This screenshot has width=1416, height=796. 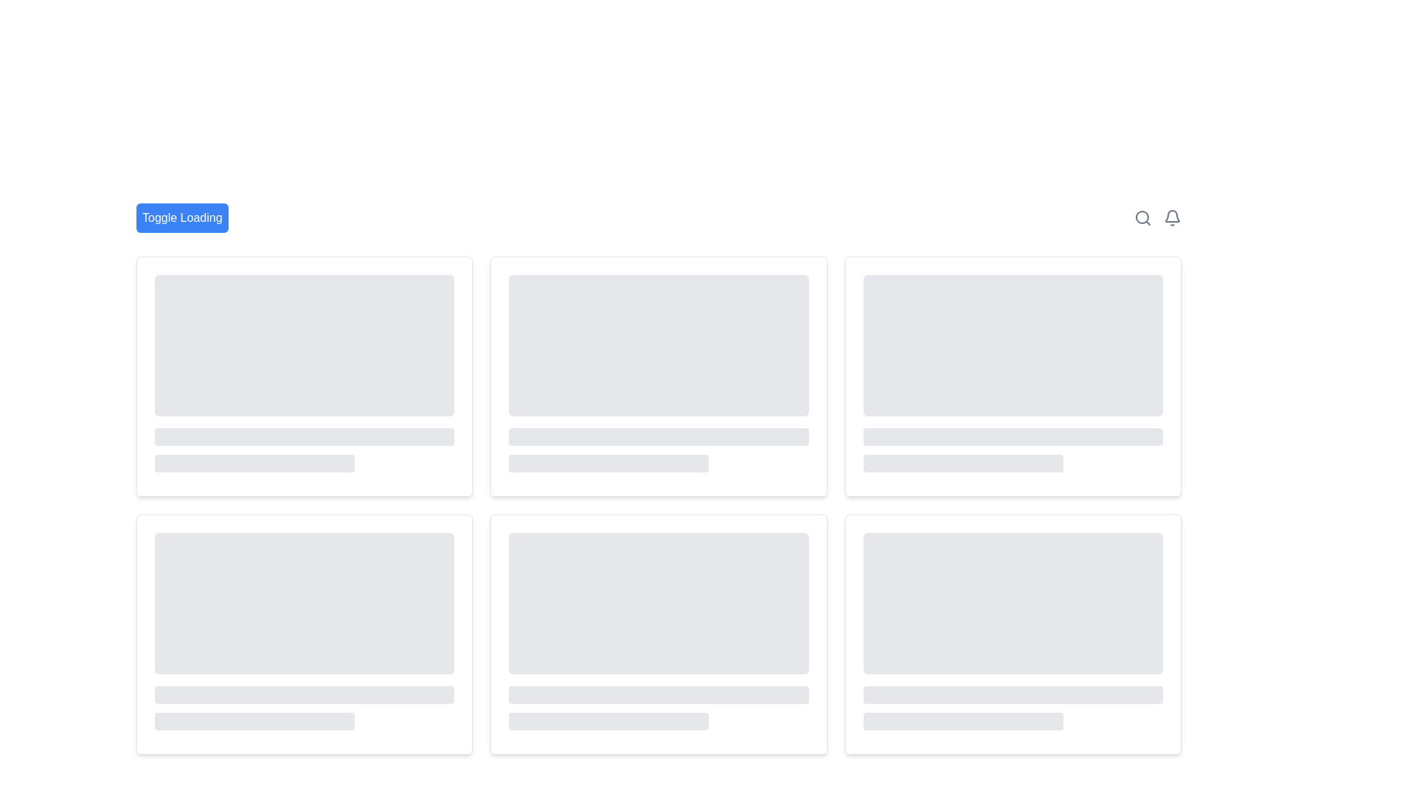 I want to click on the first Placeholder Card in the grid layout, located at the top-left corner, to indicate loading state, so click(x=304, y=375).